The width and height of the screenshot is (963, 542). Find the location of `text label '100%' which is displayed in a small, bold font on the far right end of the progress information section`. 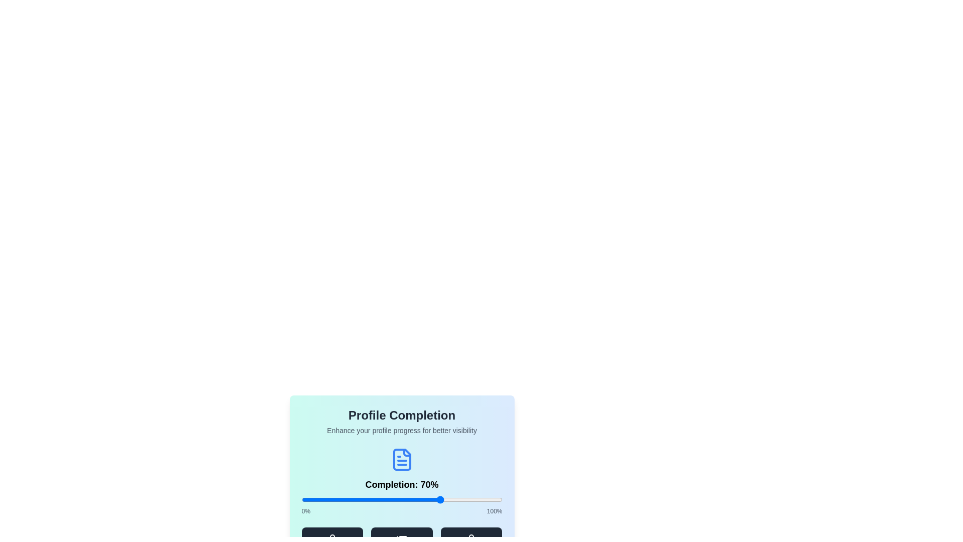

text label '100%' which is displayed in a small, bold font on the far right end of the progress information section is located at coordinates (495, 511).